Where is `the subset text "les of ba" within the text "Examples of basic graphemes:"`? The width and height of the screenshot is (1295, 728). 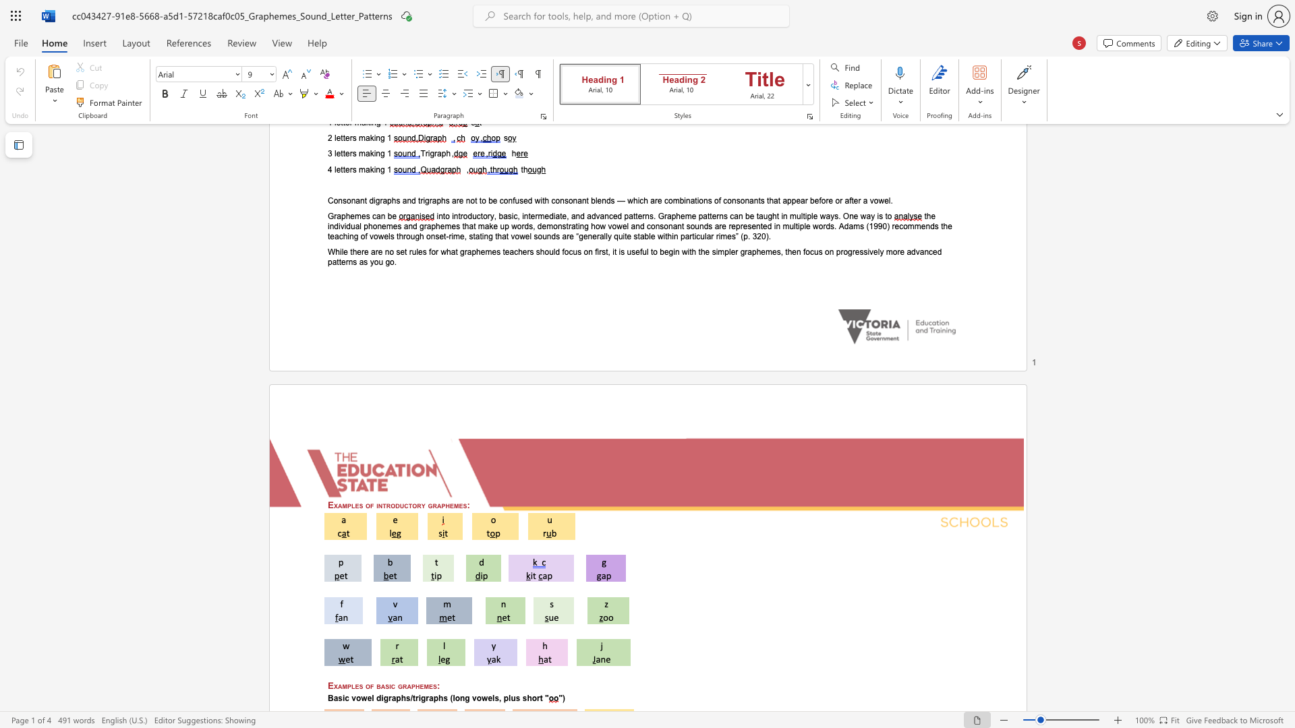 the subset text "les of ba" within the text "Examples of basic graphemes:" is located at coordinates (351, 686).